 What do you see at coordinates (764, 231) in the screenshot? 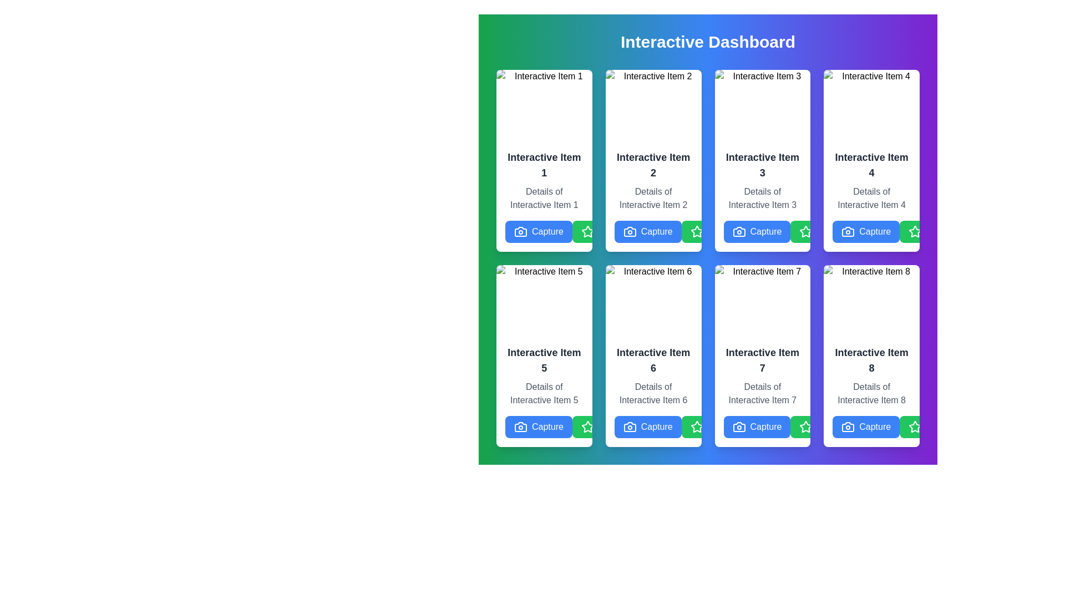
I see `the heart-shaped icon in the third card labeled 'Interactive Item 3'` at bounding box center [764, 231].